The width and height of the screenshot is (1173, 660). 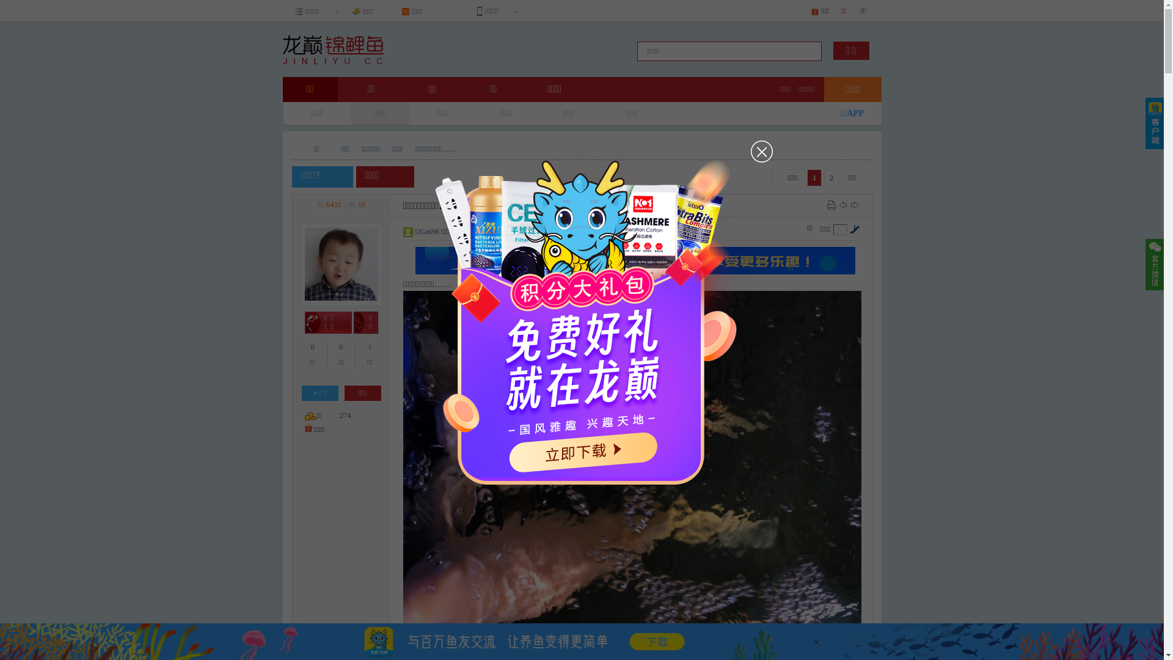 I want to click on '2', so click(x=831, y=177).